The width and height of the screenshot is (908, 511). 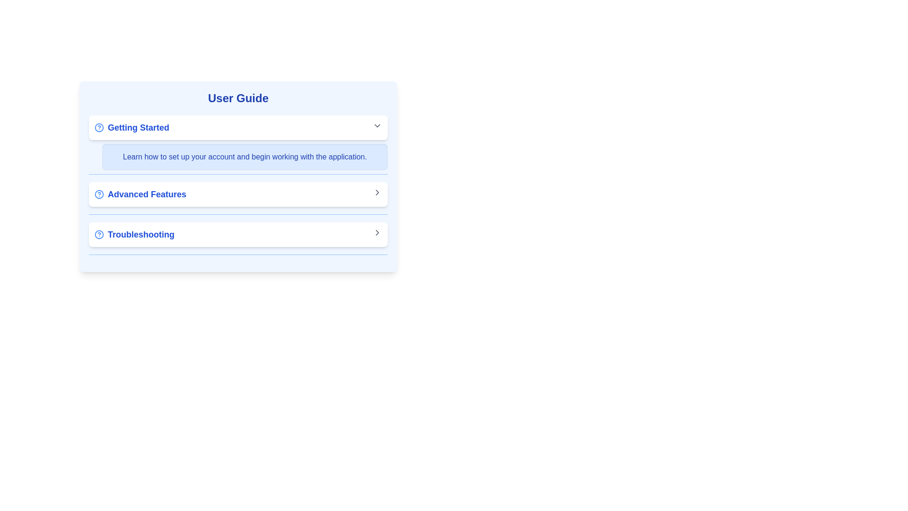 I want to click on the third text label in the user guide menu, so click(x=140, y=234).